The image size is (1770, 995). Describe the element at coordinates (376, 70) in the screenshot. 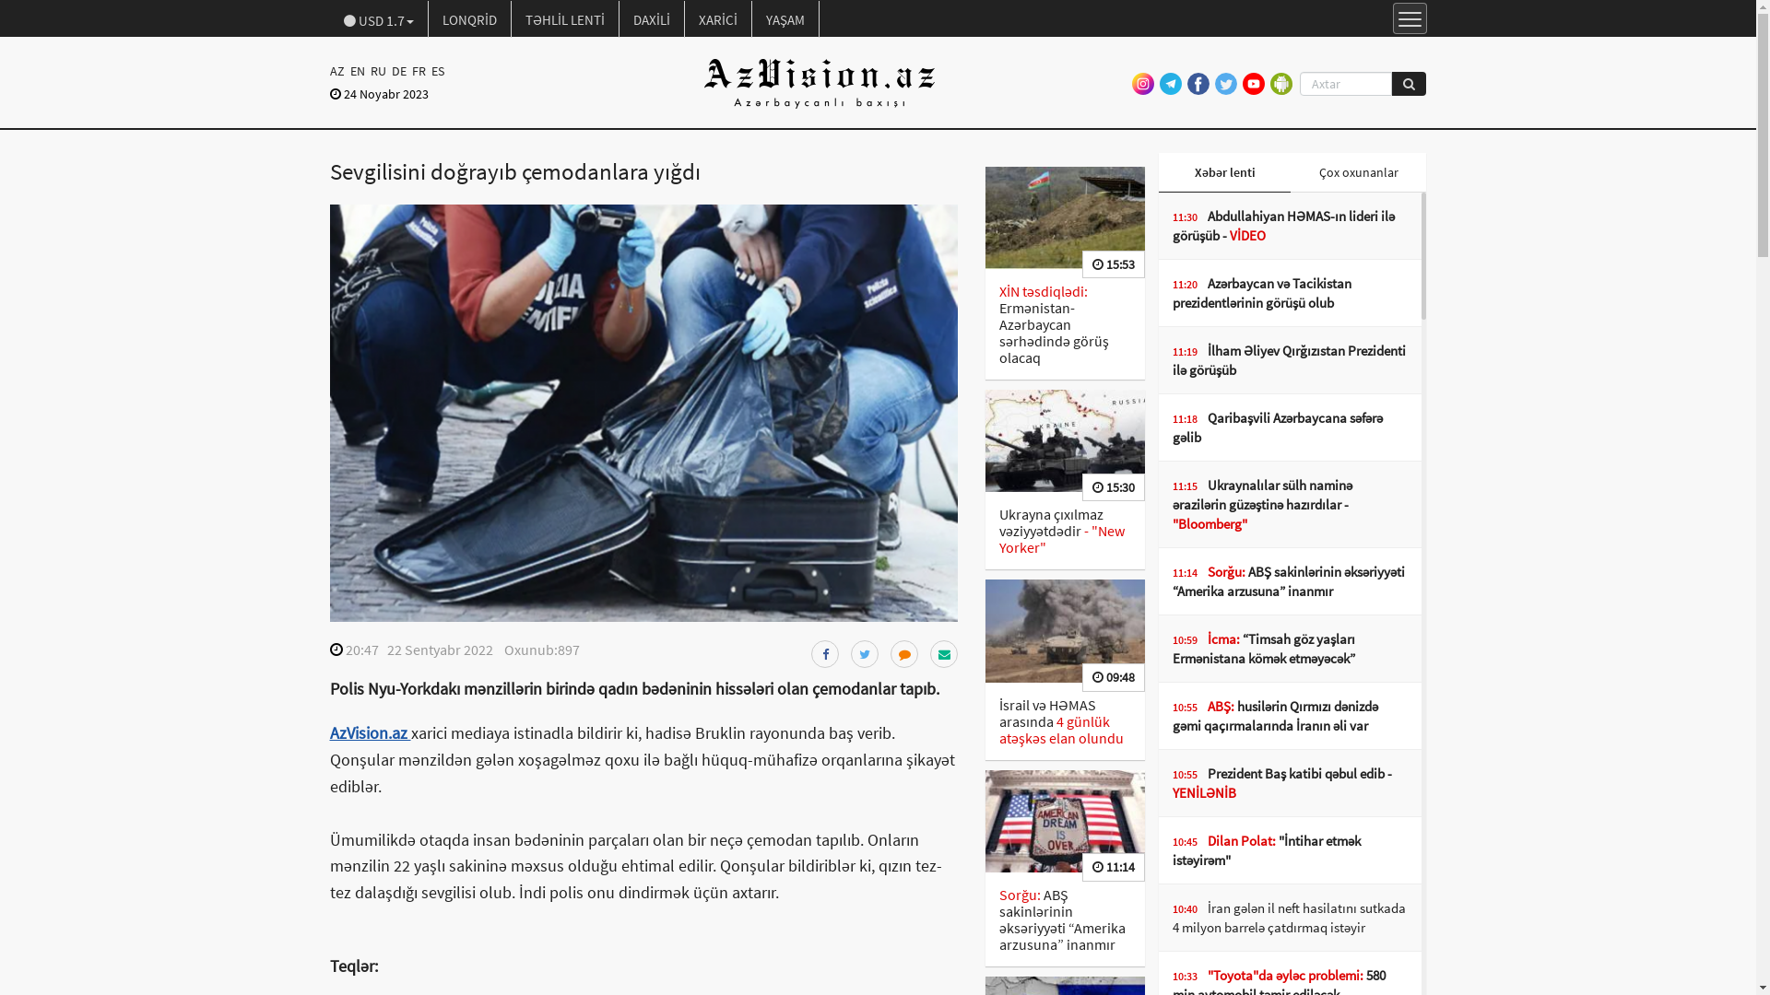

I see `'RU'` at that location.